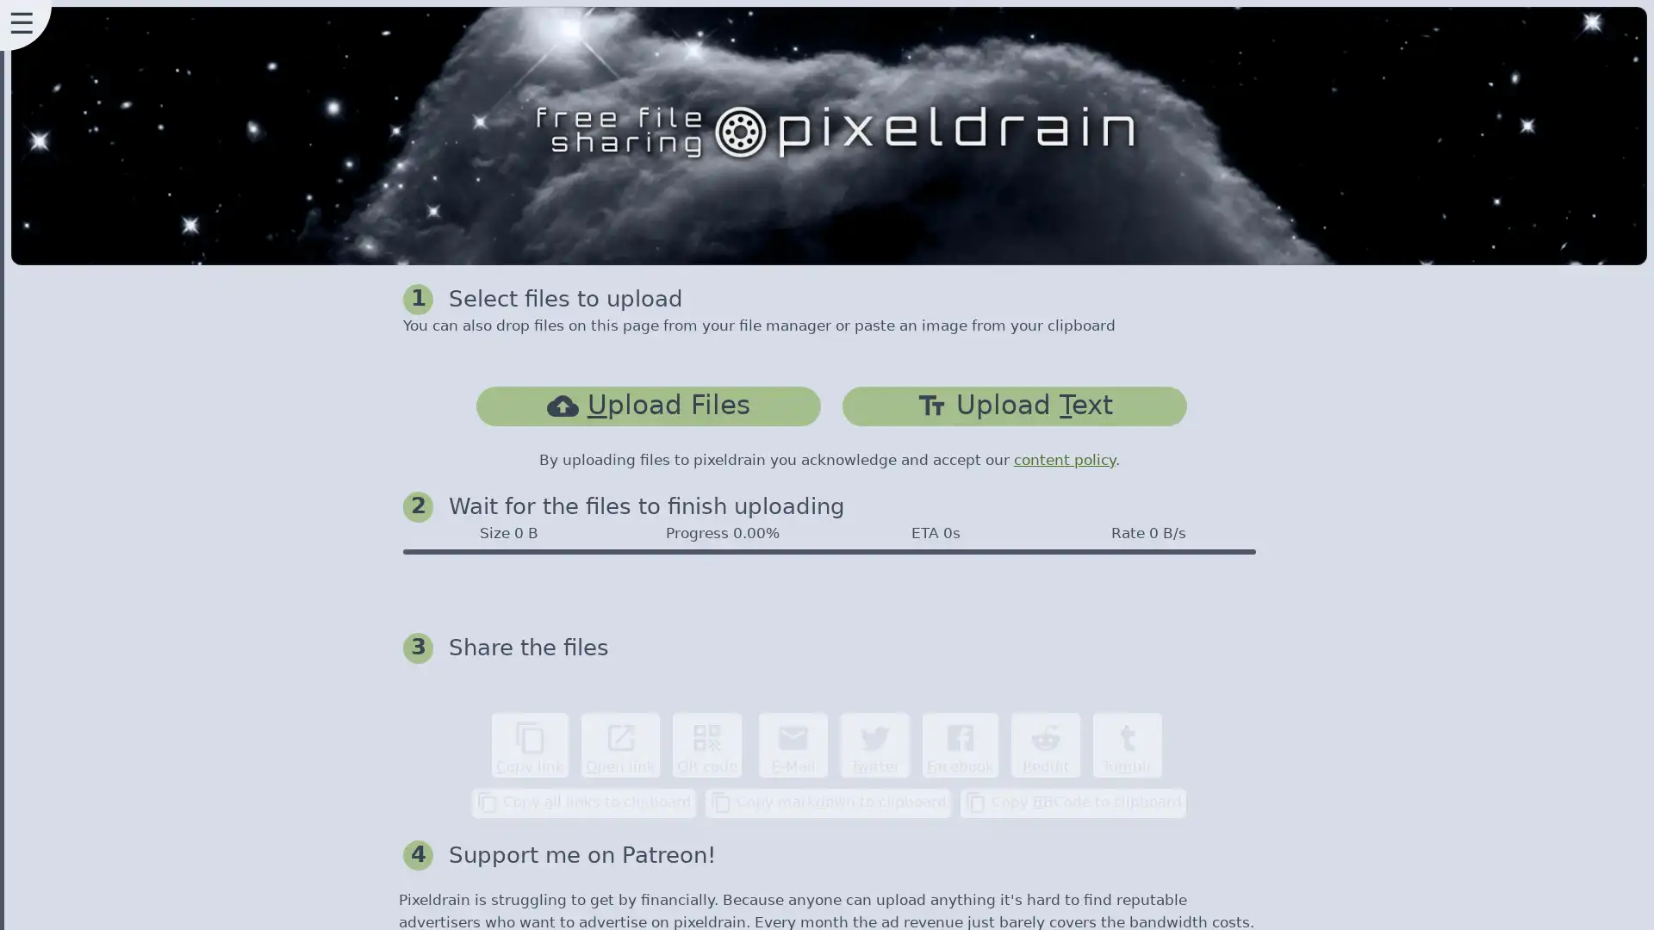  What do you see at coordinates (768, 406) in the screenshot?
I see `cloud_uploadUpload Files` at bounding box center [768, 406].